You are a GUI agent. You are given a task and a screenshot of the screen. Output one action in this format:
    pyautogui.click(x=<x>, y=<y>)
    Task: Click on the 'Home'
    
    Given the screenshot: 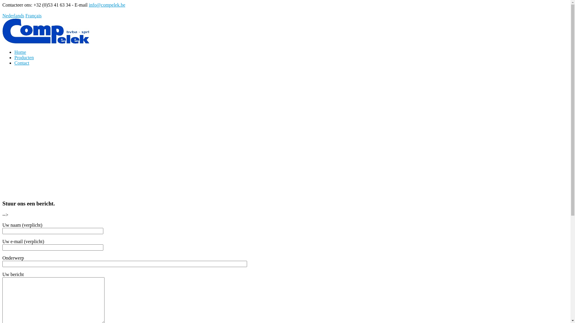 What is the action you would take?
    pyautogui.click(x=20, y=52)
    